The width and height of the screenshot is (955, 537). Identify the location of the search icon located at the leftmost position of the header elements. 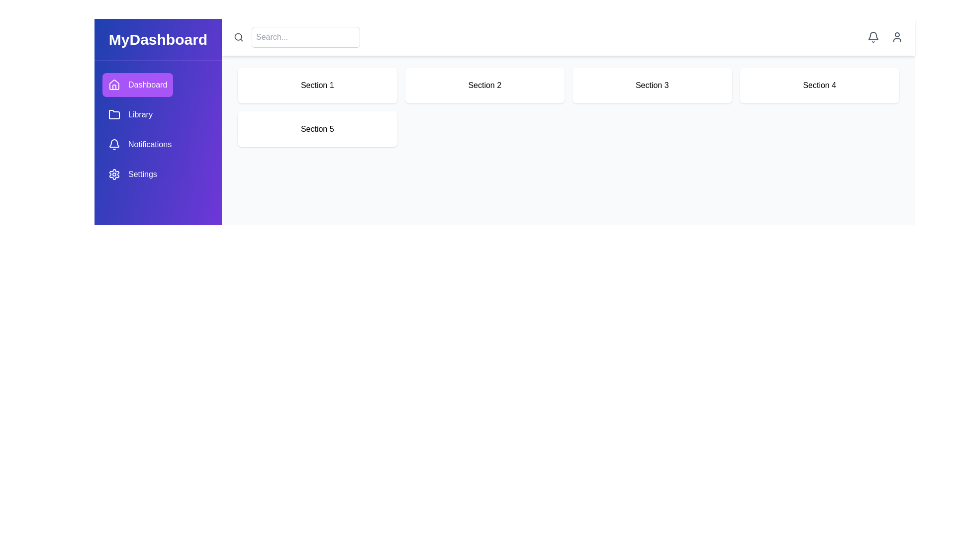
(239, 36).